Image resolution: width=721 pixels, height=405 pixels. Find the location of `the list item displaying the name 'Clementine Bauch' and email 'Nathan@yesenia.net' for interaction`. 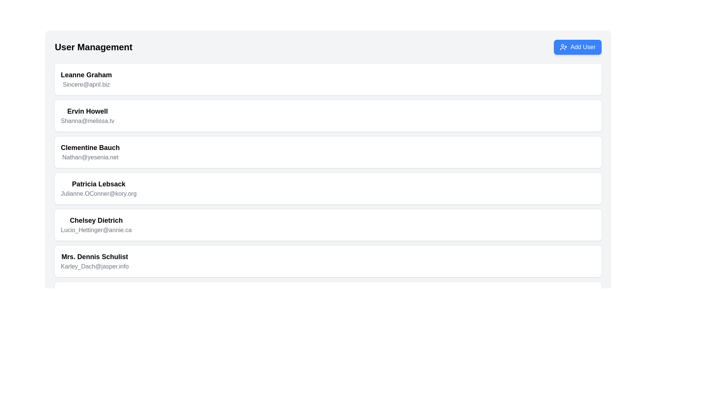

the list item displaying the name 'Clementine Bauch' and email 'Nathan@yesenia.net' for interaction is located at coordinates (90, 152).